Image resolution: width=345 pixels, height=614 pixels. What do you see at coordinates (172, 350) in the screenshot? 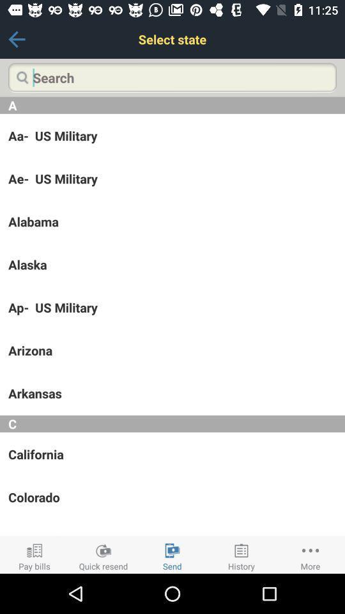
I see `the arizona icon` at bounding box center [172, 350].